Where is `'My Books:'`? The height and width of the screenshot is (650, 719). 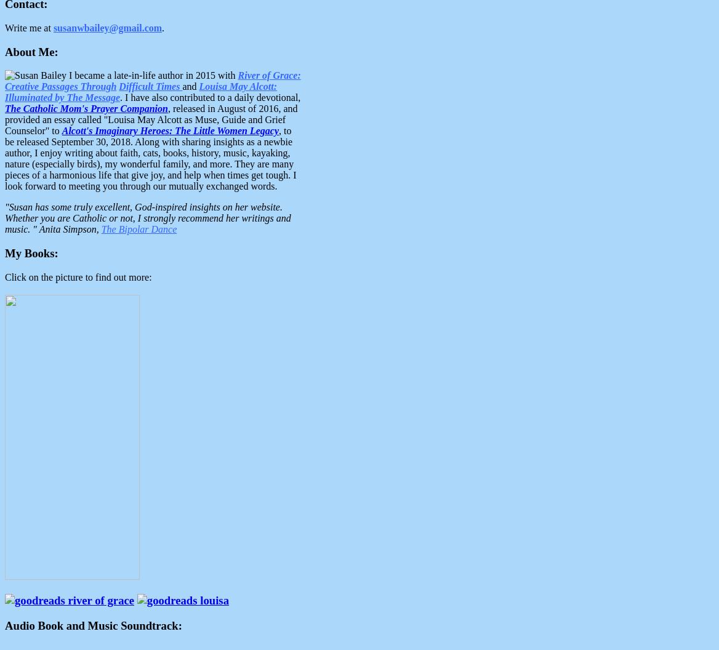
'My Books:' is located at coordinates (31, 253).